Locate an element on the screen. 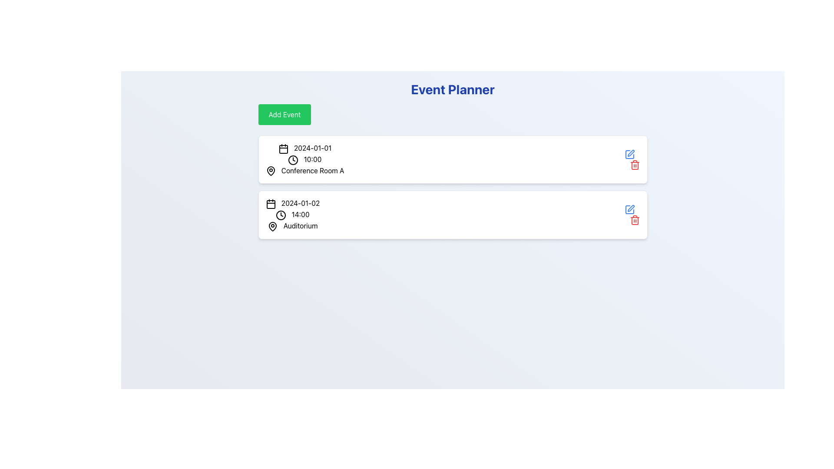  the informational text and icon label displaying the scheduled time for the event located in the second event card below the date '2024-01-02' and above the location 'Auditorium' is located at coordinates (292, 215).